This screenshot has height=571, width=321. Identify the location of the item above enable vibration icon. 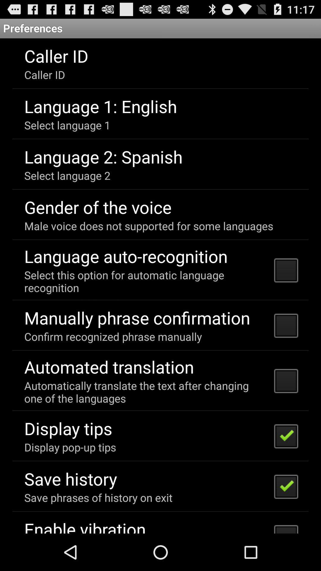
(98, 498).